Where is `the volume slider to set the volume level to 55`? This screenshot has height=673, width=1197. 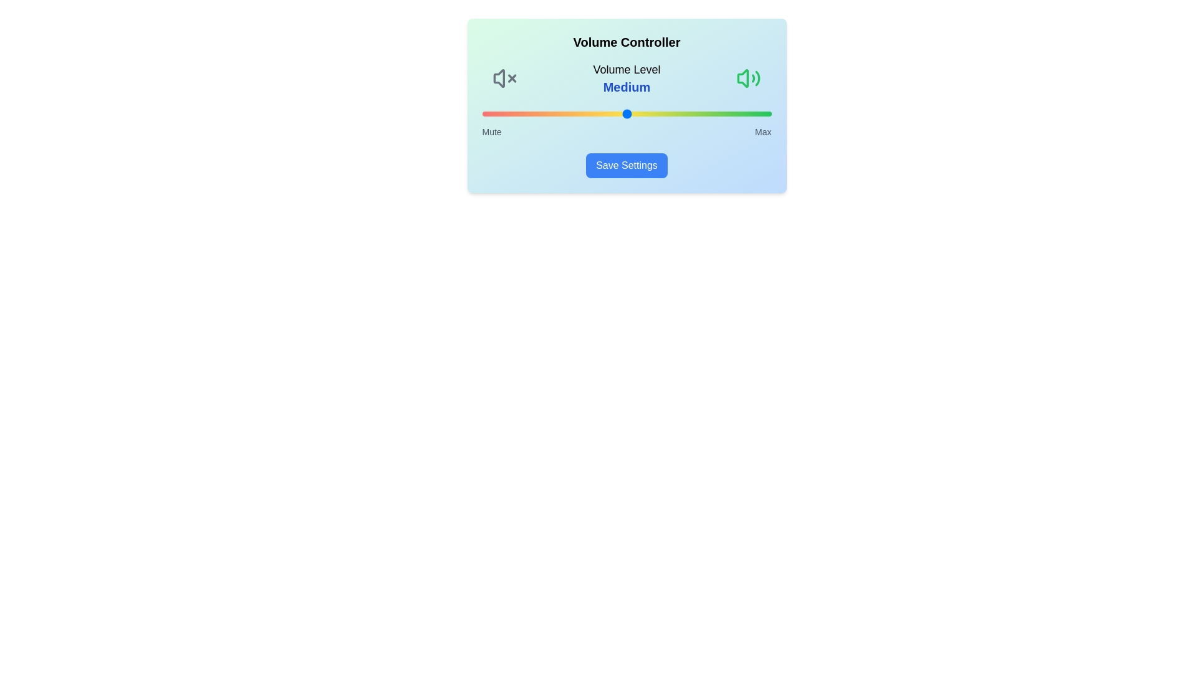
the volume slider to set the volume level to 55 is located at coordinates (641, 113).